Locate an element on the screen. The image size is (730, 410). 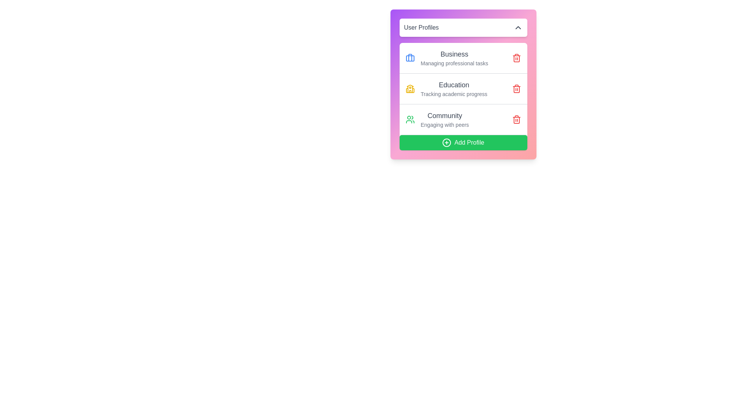
the Text label displaying 'Community' with the phrase 'Engaging with peers' below it is located at coordinates (444, 120).